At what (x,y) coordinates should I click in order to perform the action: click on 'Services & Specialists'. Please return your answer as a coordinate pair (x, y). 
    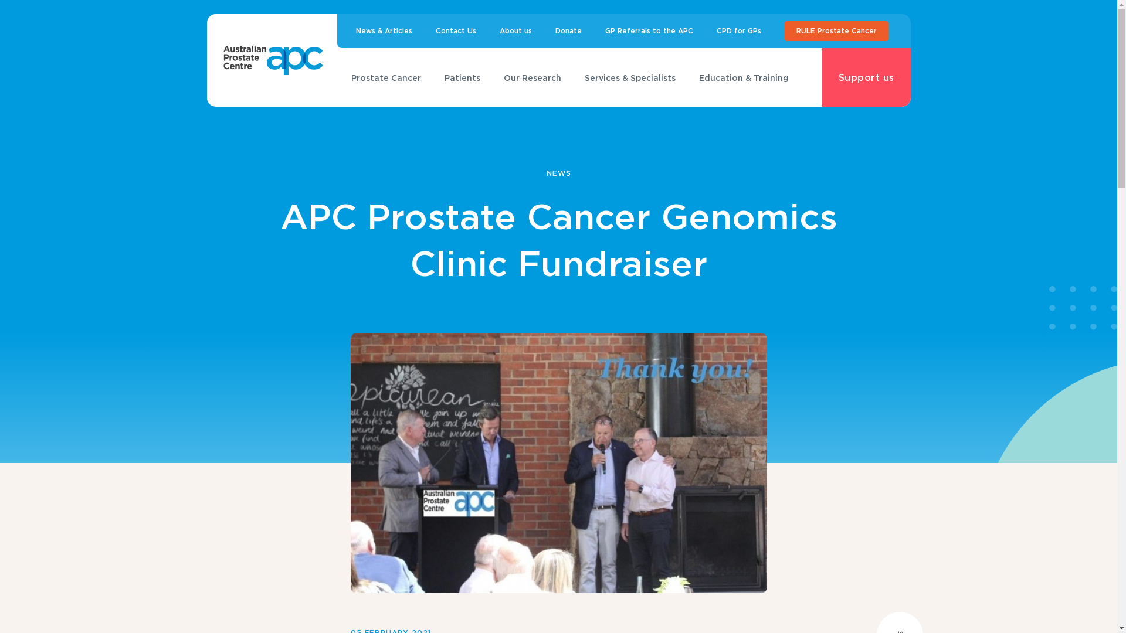
    Looking at the image, I should click on (569, 77).